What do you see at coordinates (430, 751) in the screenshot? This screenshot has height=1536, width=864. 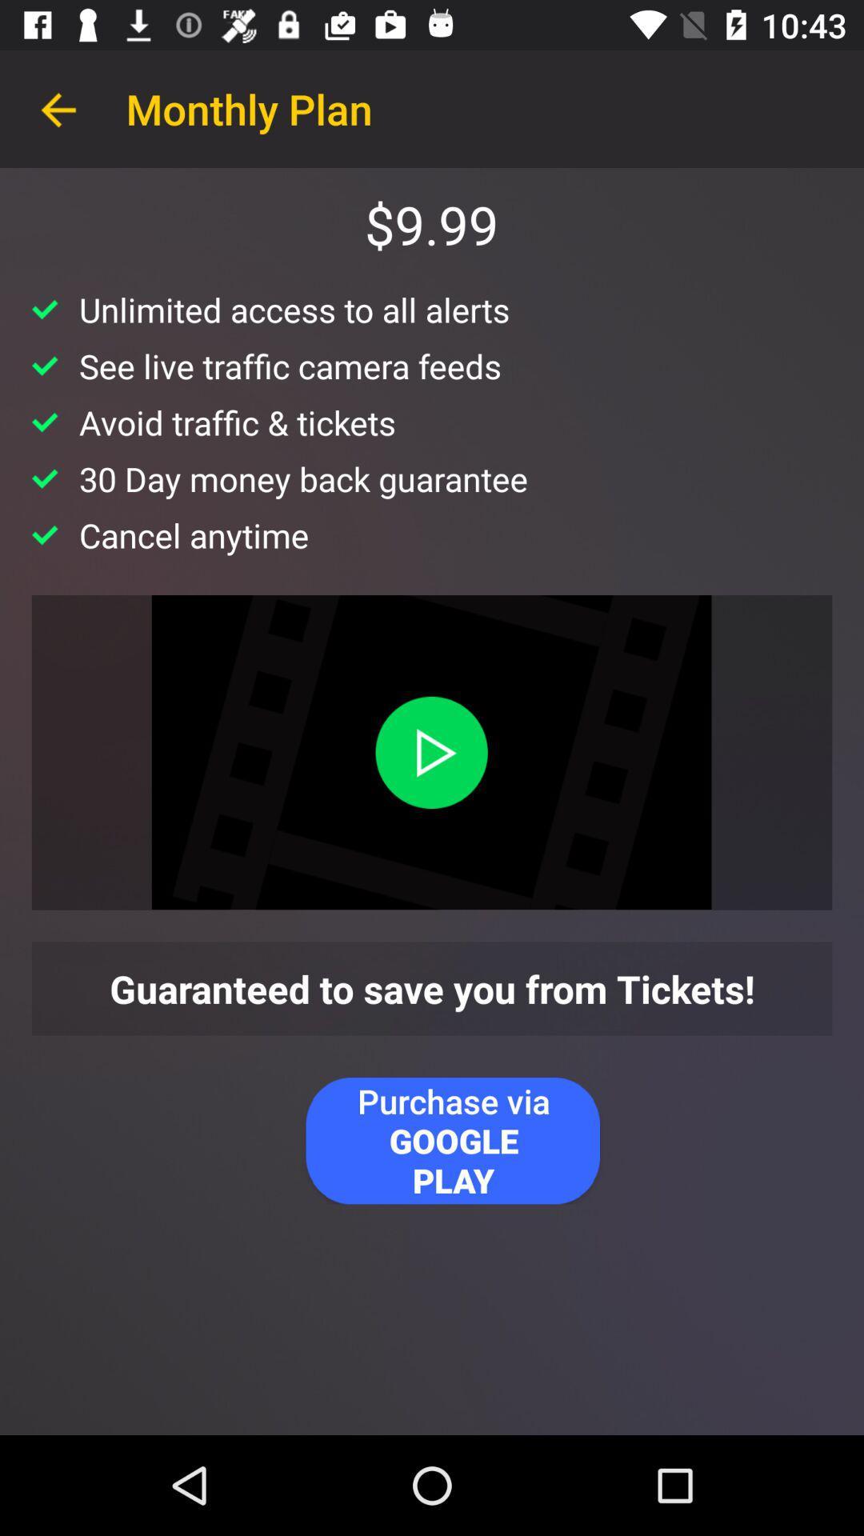 I see `the play icon` at bounding box center [430, 751].